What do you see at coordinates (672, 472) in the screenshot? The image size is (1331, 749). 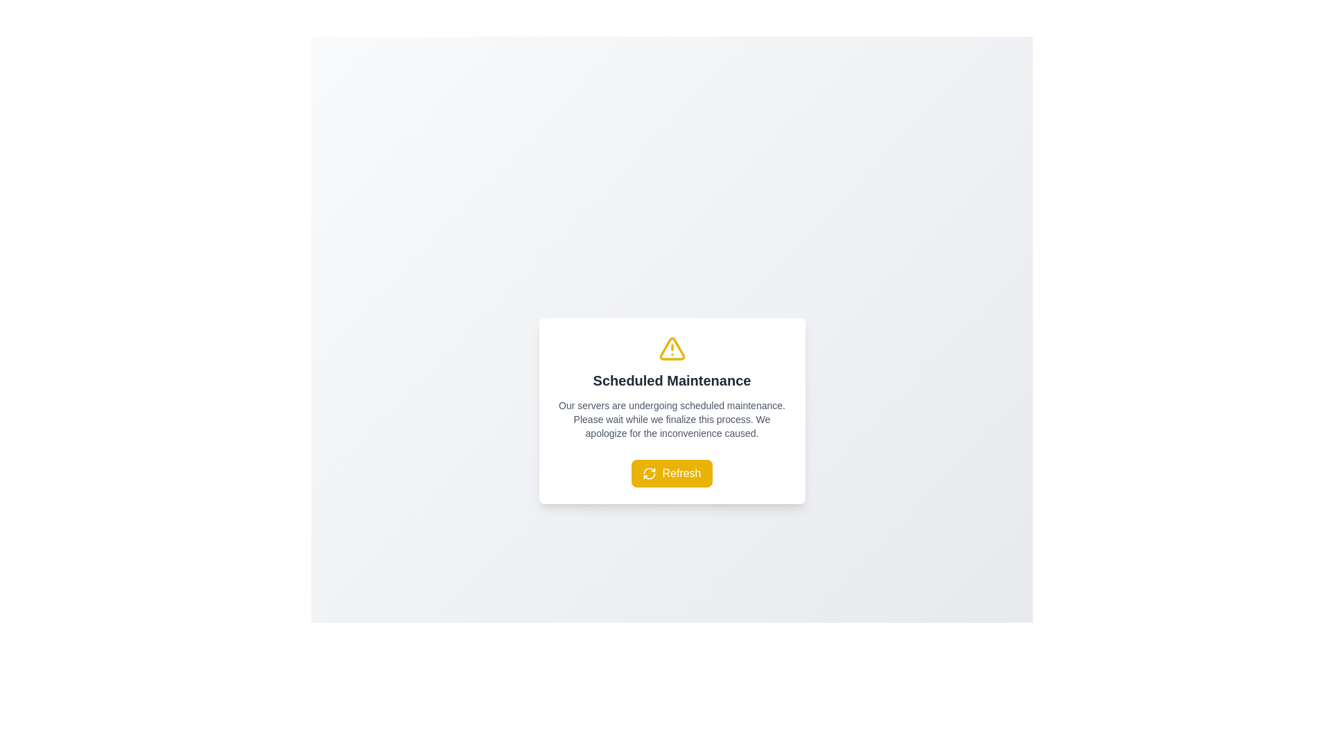 I see `the yellow 'Refresh' button with rounded corners to observe its hover effects` at bounding box center [672, 472].